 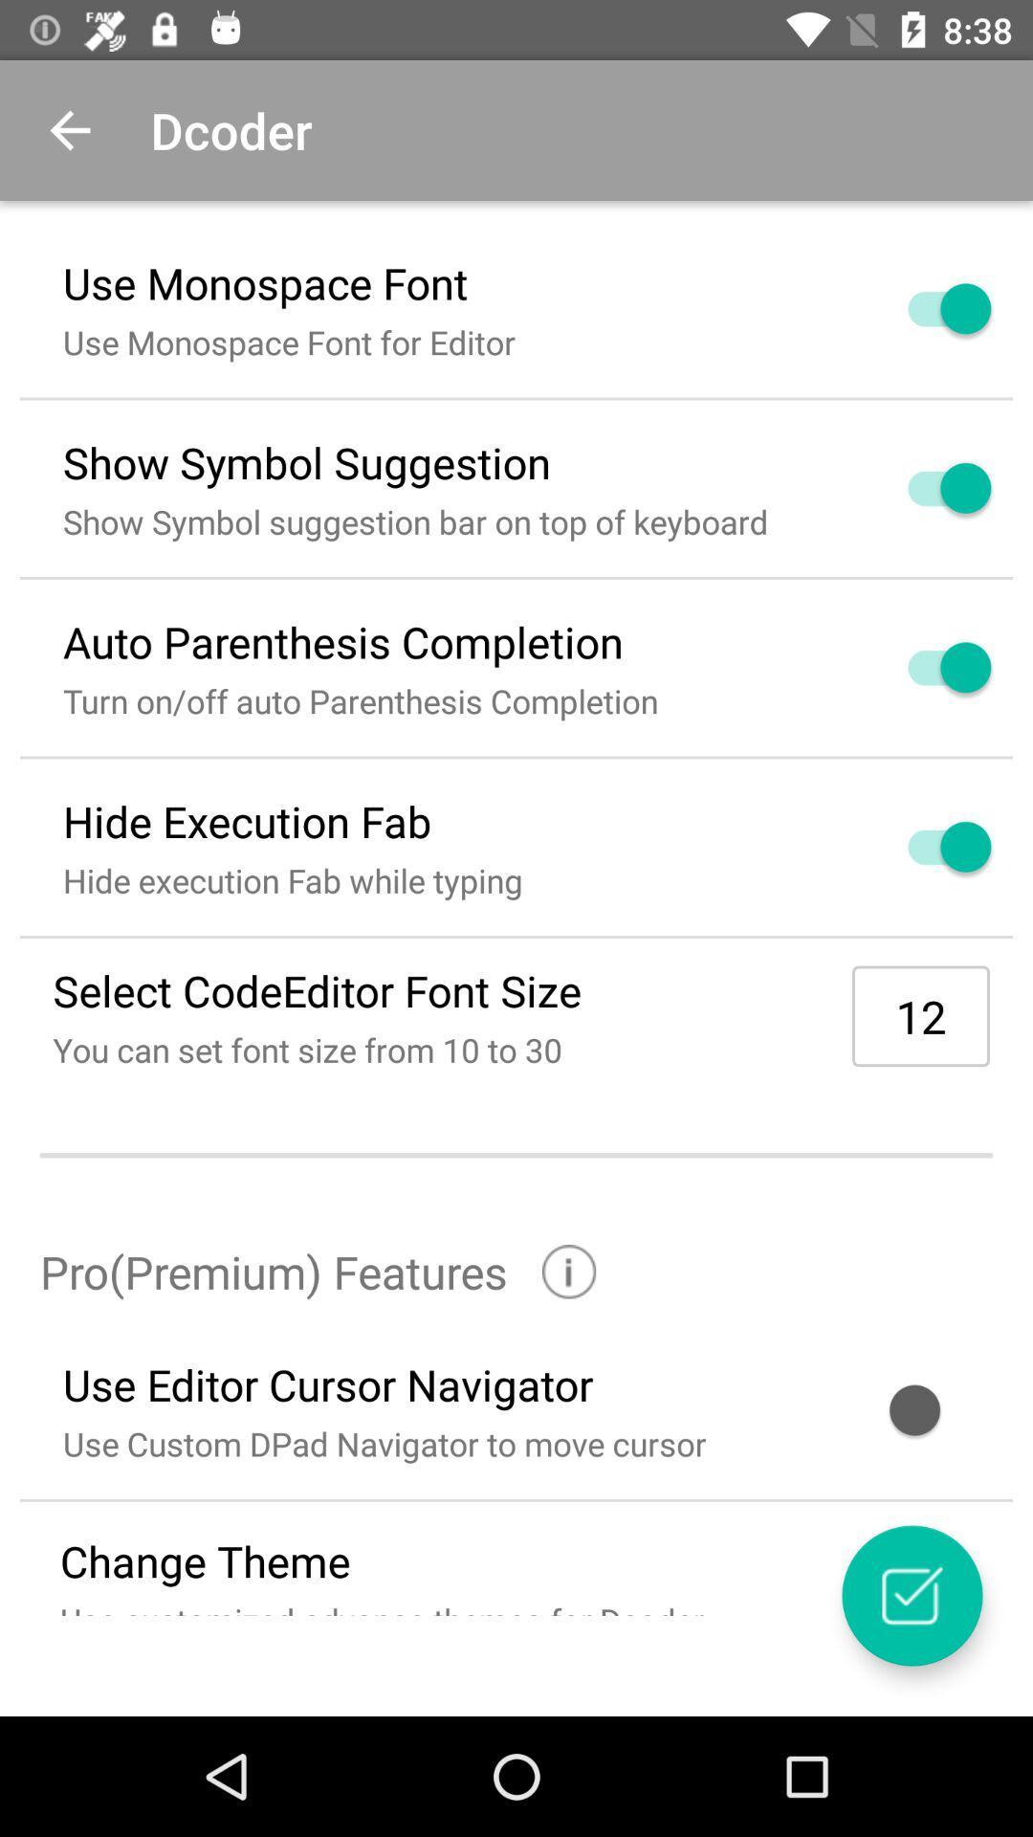 I want to click on the icon above use monospace font, so click(x=69, y=129).